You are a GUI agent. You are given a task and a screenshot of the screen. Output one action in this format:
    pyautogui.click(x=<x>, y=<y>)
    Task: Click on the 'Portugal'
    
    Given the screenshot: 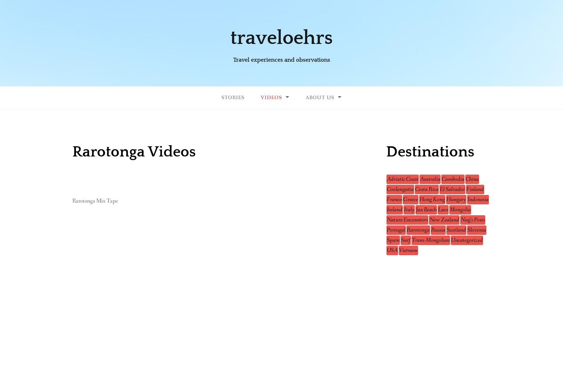 What is the action you would take?
    pyautogui.click(x=396, y=230)
    